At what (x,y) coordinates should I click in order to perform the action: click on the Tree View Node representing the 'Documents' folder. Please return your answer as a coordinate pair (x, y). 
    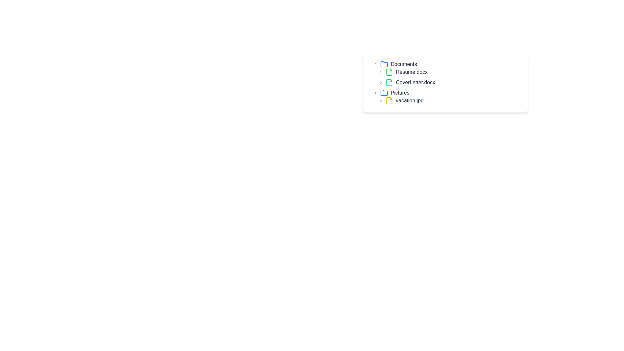
    Looking at the image, I should click on (448, 73).